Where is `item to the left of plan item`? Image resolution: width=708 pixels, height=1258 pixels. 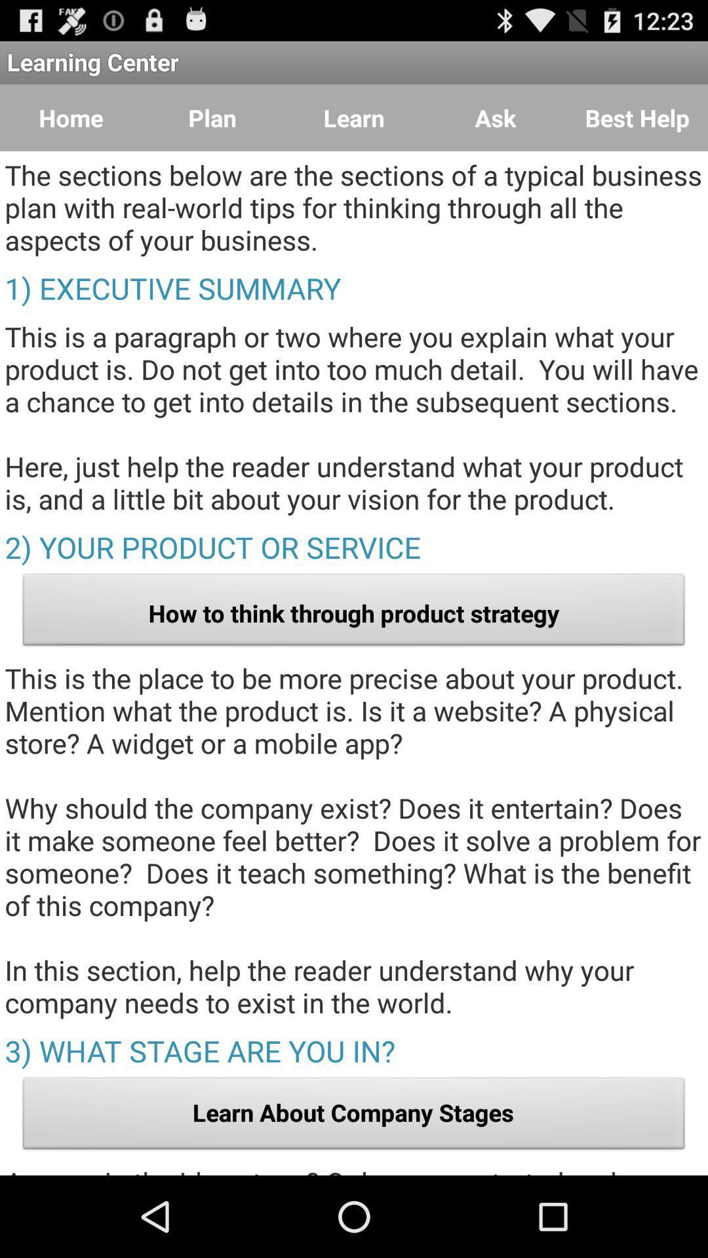
item to the left of plan item is located at coordinates (71, 118).